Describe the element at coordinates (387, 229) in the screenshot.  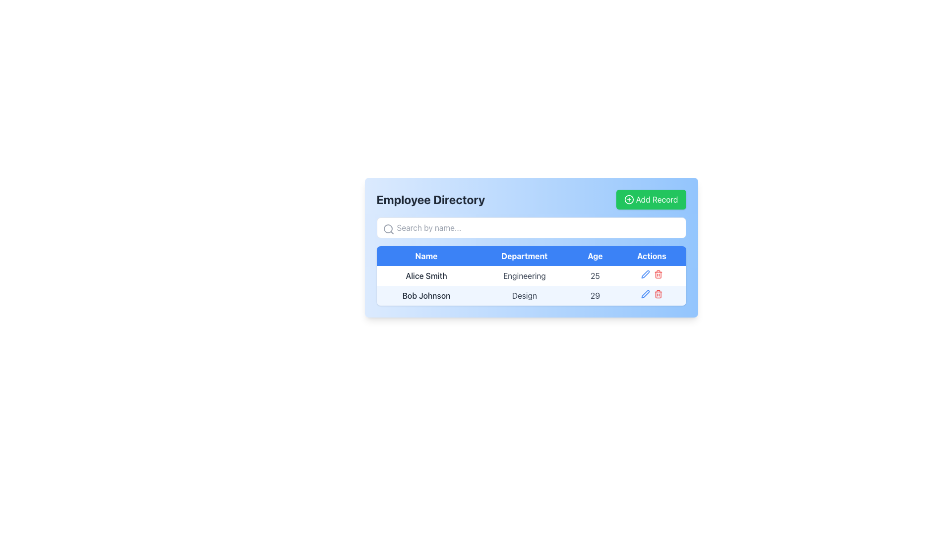
I see `the search input field associated with the circular central part of the magnifying glass icon located at the leftmost side of the search input box` at that location.